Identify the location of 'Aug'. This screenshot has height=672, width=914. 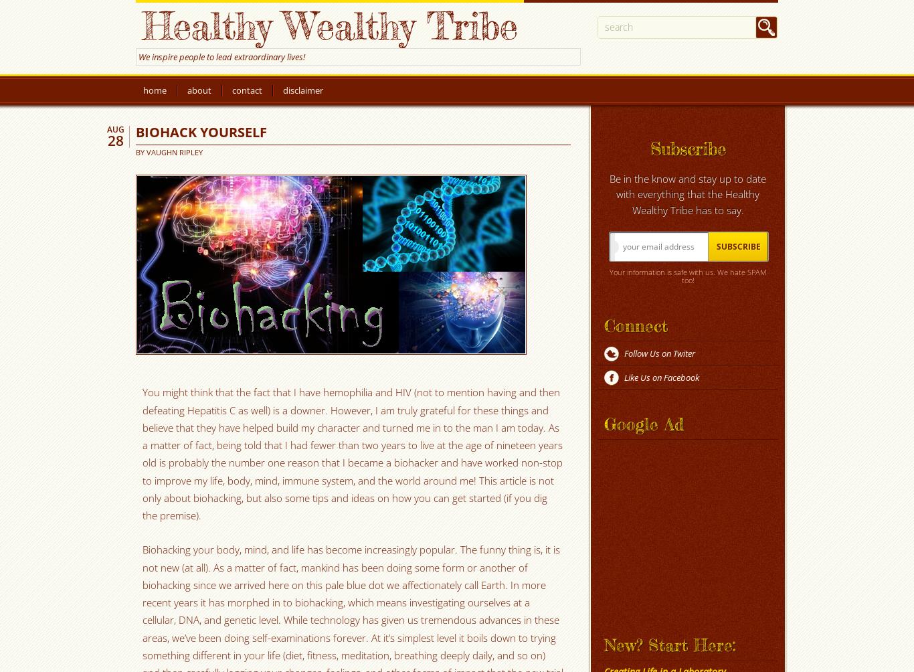
(114, 129).